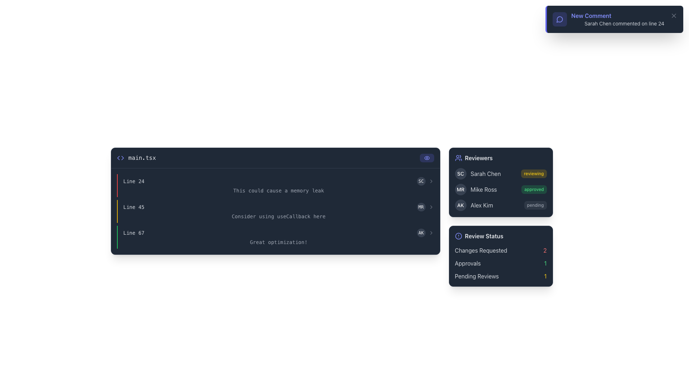 Image resolution: width=689 pixels, height=387 pixels. What do you see at coordinates (500, 263) in the screenshot?
I see `the Text block displaying review statuses such as 'Changes Requested', 'Approvals', and 'Pending Reviews' with numerical indicators in red, green, and yellow, located under the 'Review Status' heading` at bounding box center [500, 263].